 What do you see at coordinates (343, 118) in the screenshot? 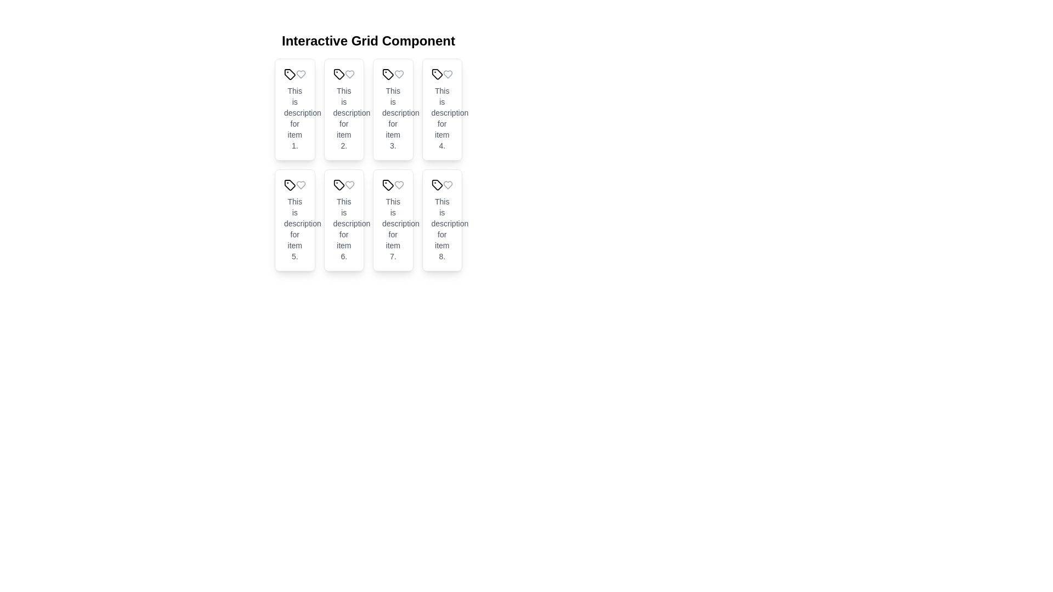
I see `the descriptive text block located in the second tile of a grid layout, which is positioned beneath the tile's title text` at bounding box center [343, 118].